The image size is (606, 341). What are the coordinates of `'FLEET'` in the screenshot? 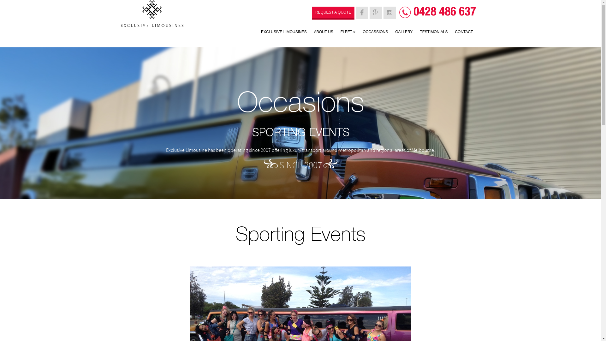 It's located at (348, 33).